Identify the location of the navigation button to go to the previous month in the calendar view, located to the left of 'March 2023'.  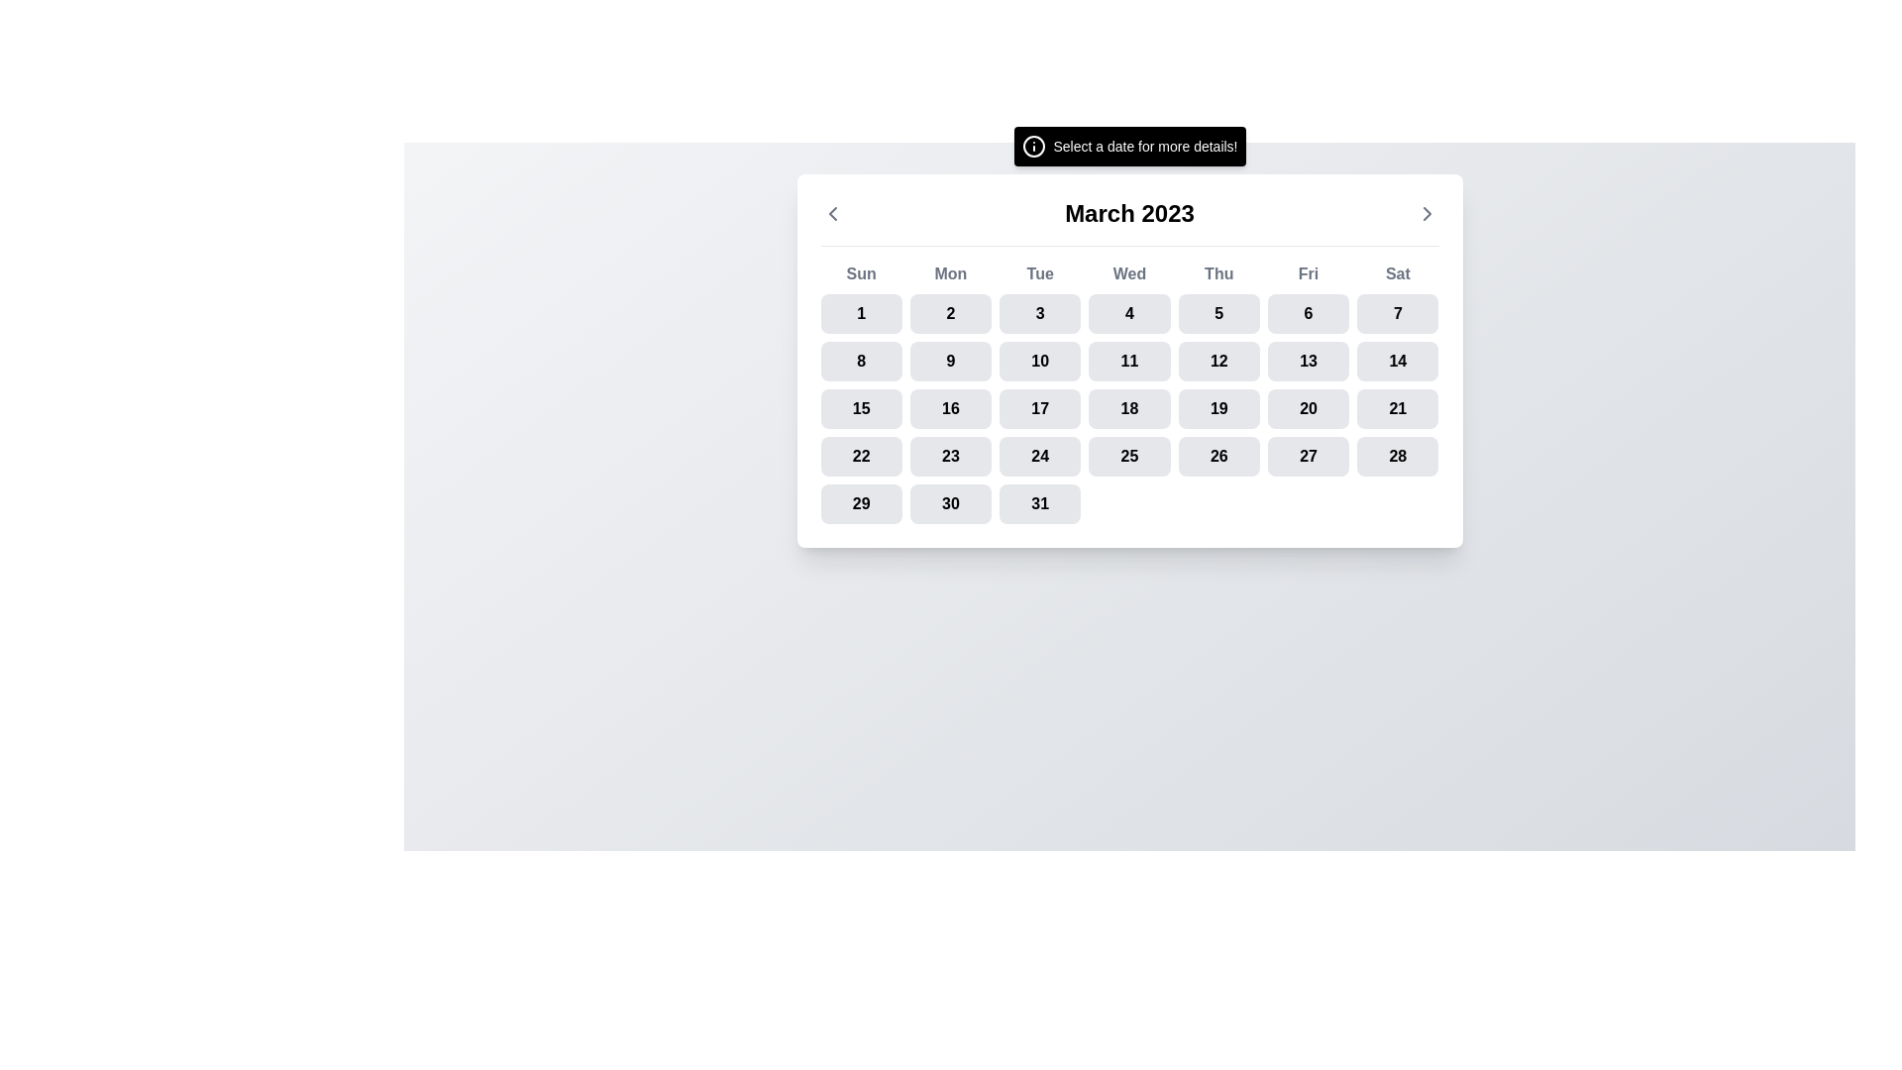
(832, 214).